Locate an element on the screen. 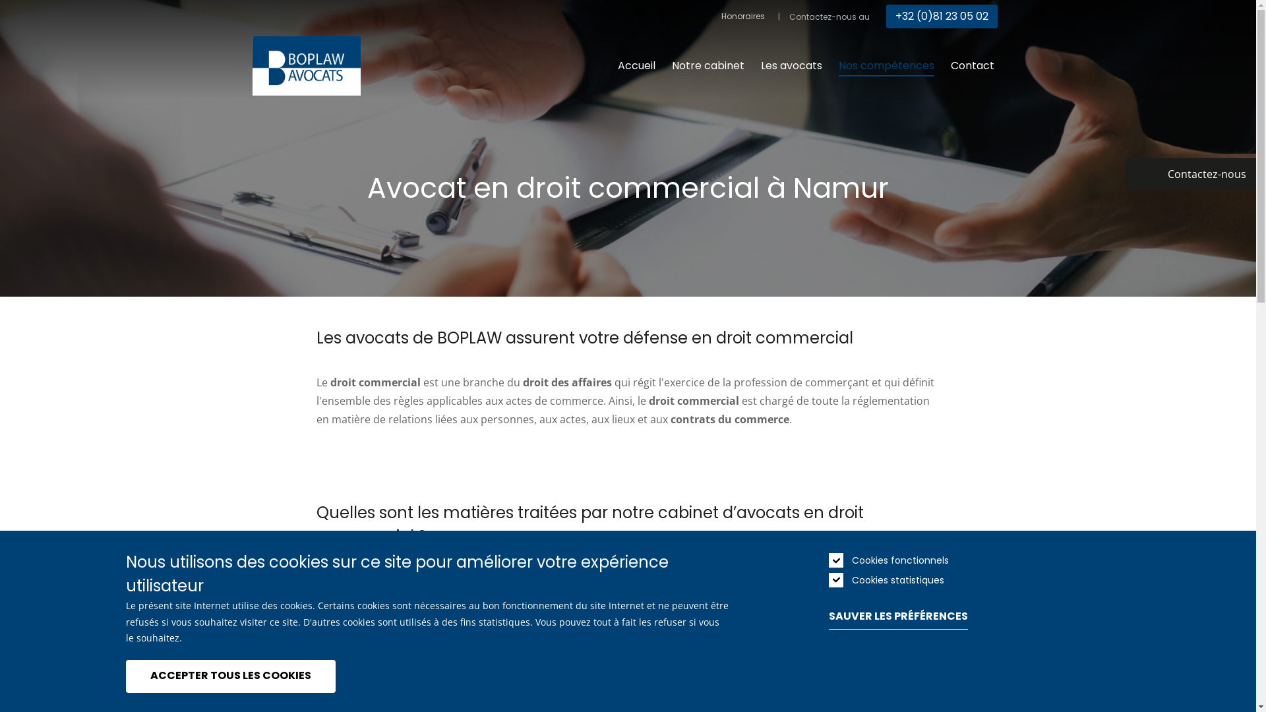 The width and height of the screenshot is (1266, 712). '+32 (0)81 23 05 02' is located at coordinates (941, 16).